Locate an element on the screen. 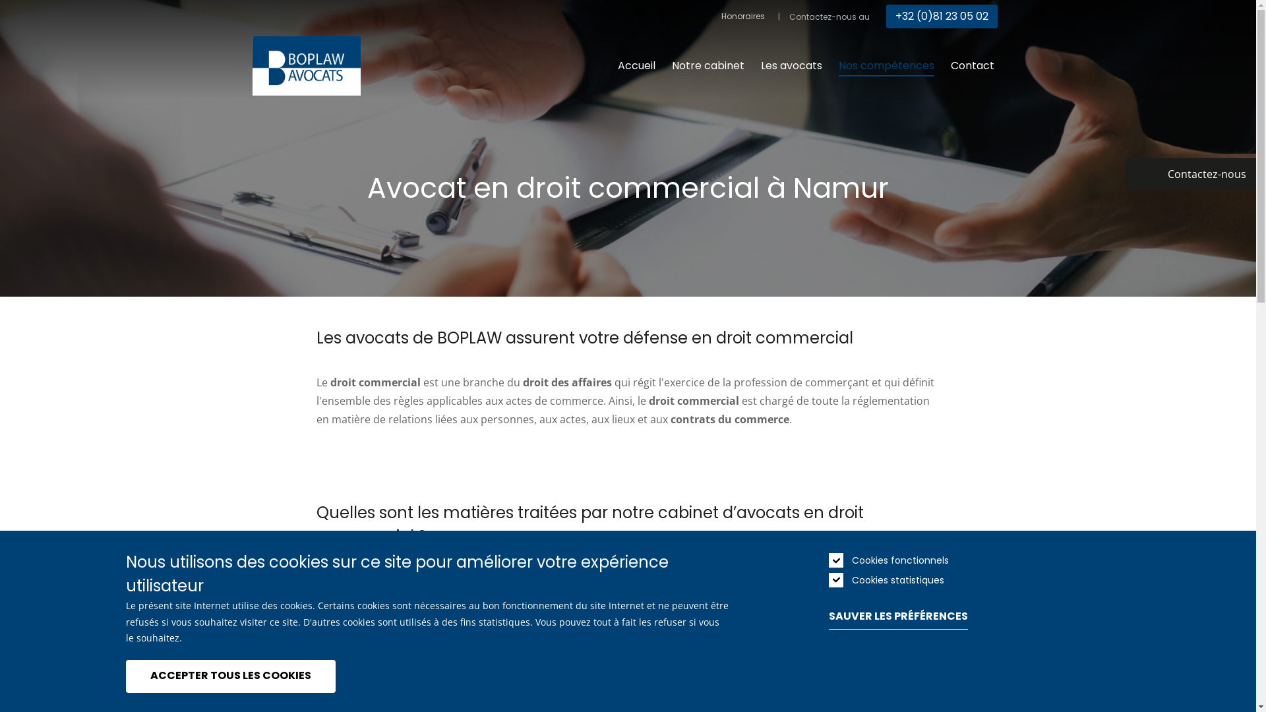 The width and height of the screenshot is (1266, 712). '+32 (0)81 23 05 02' is located at coordinates (941, 16).